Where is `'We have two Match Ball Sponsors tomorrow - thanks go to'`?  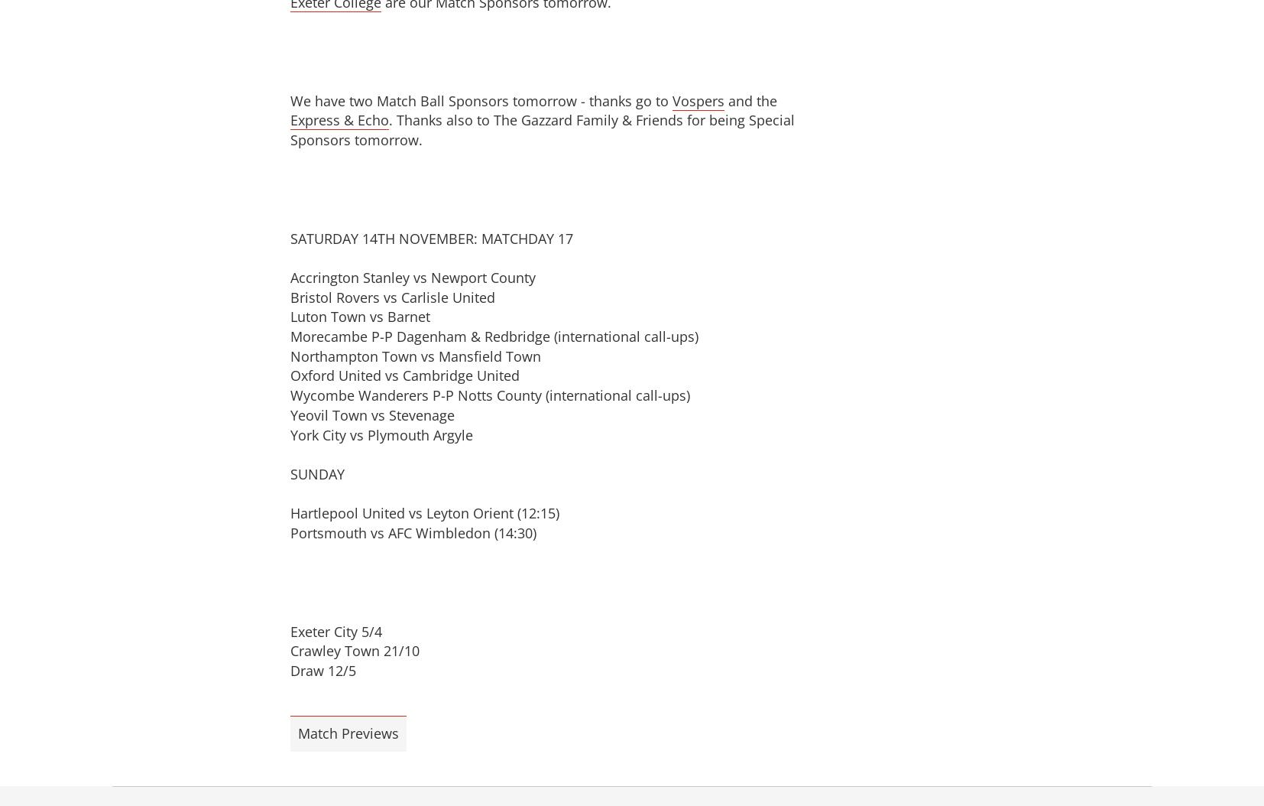
'We have two Match Ball Sponsors tomorrow - thanks go to' is located at coordinates (289, 100).